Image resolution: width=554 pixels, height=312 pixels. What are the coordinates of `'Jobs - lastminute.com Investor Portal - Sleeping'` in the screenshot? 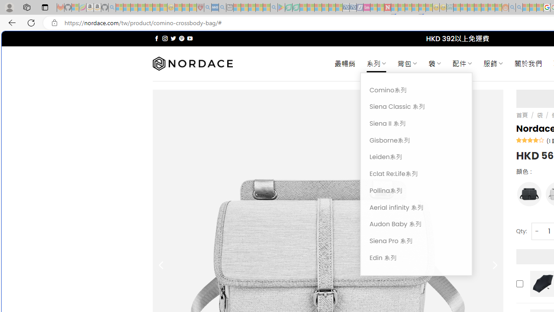 It's located at (367, 7).